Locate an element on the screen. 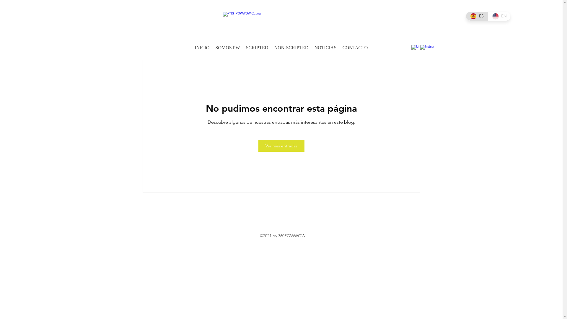 This screenshot has width=567, height=319. 'EN' is located at coordinates (499, 16).